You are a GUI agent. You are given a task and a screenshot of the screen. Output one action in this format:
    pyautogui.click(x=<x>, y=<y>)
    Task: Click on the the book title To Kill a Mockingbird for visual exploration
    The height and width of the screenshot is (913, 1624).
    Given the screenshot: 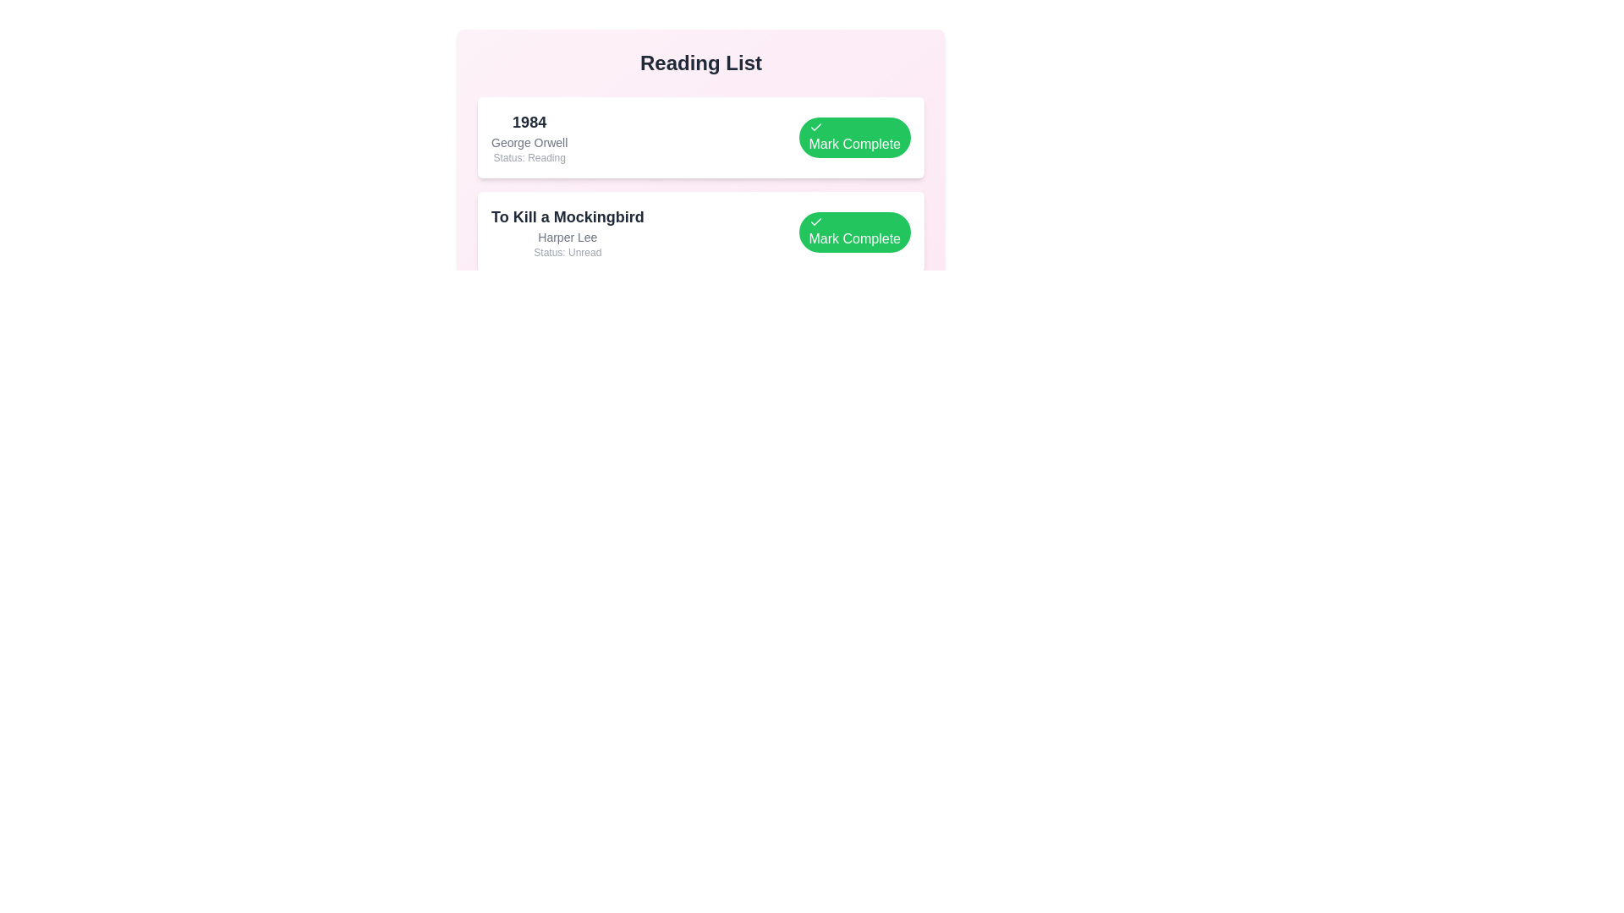 What is the action you would take?
    pyautogui.click(x=568, y=216)
    